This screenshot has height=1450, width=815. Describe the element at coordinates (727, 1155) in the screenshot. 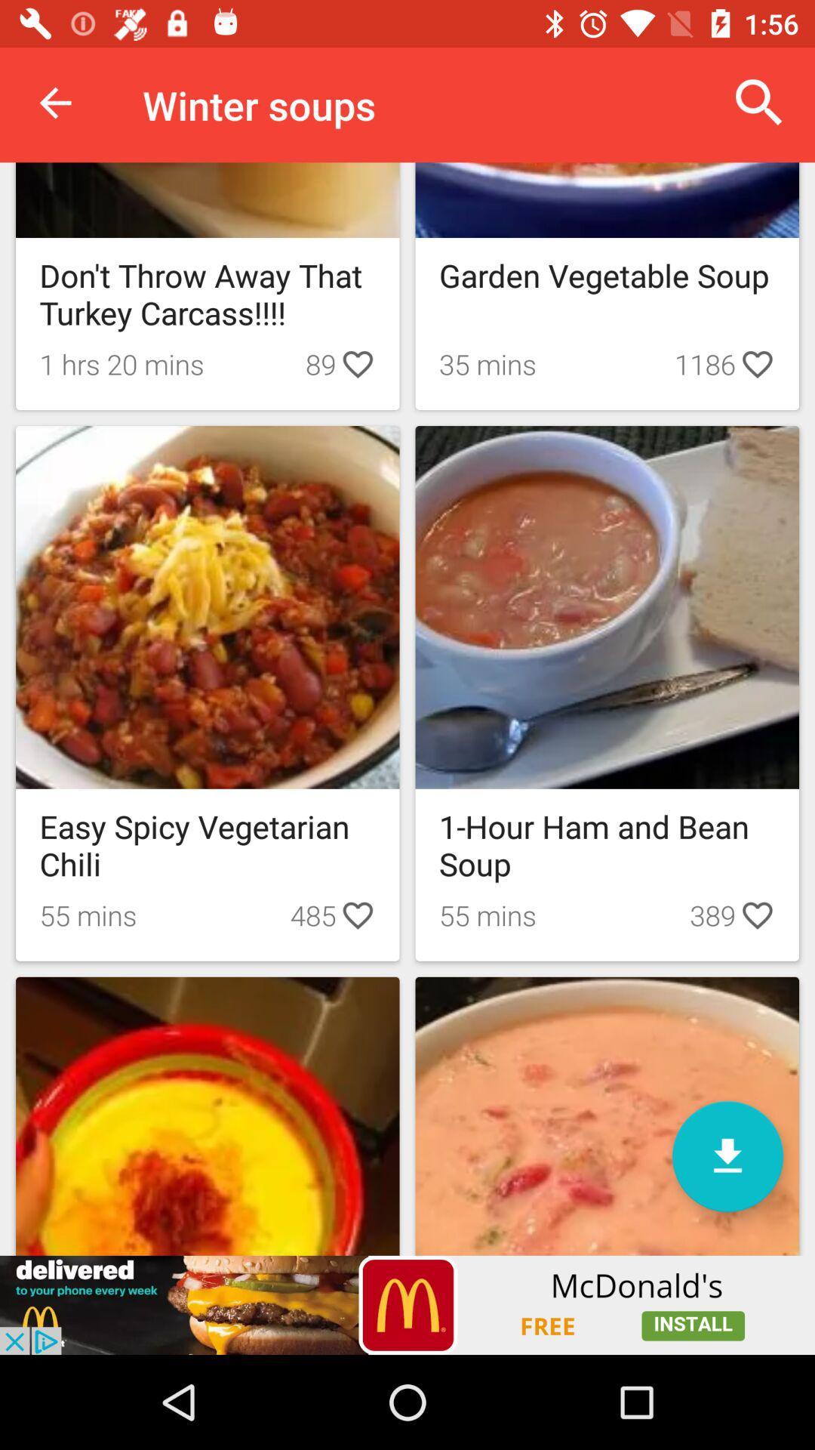

I see `the file_download icon` at that location.